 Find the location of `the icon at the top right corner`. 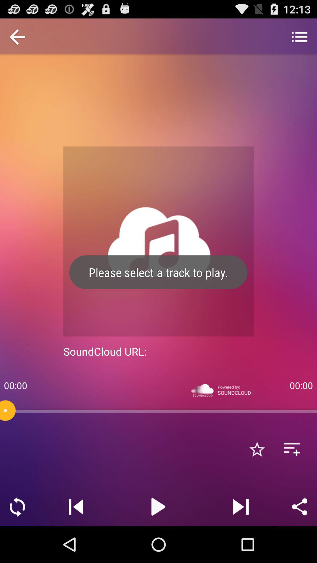

the icon at the top right corner is located at coordinates (299, 37).